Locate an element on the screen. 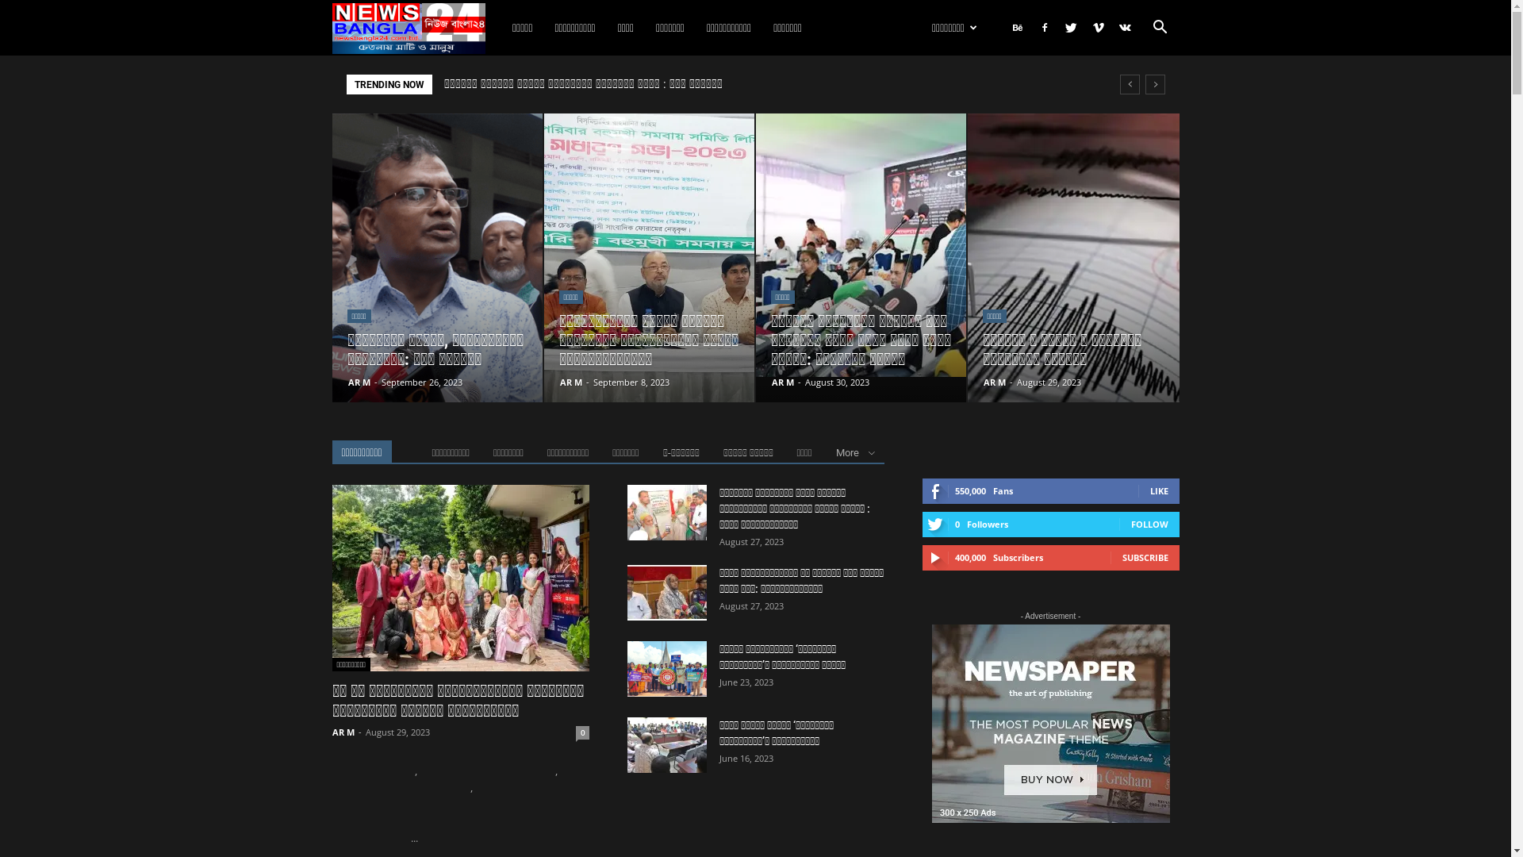  'Facebook' is located at coordinates (1044, 27).